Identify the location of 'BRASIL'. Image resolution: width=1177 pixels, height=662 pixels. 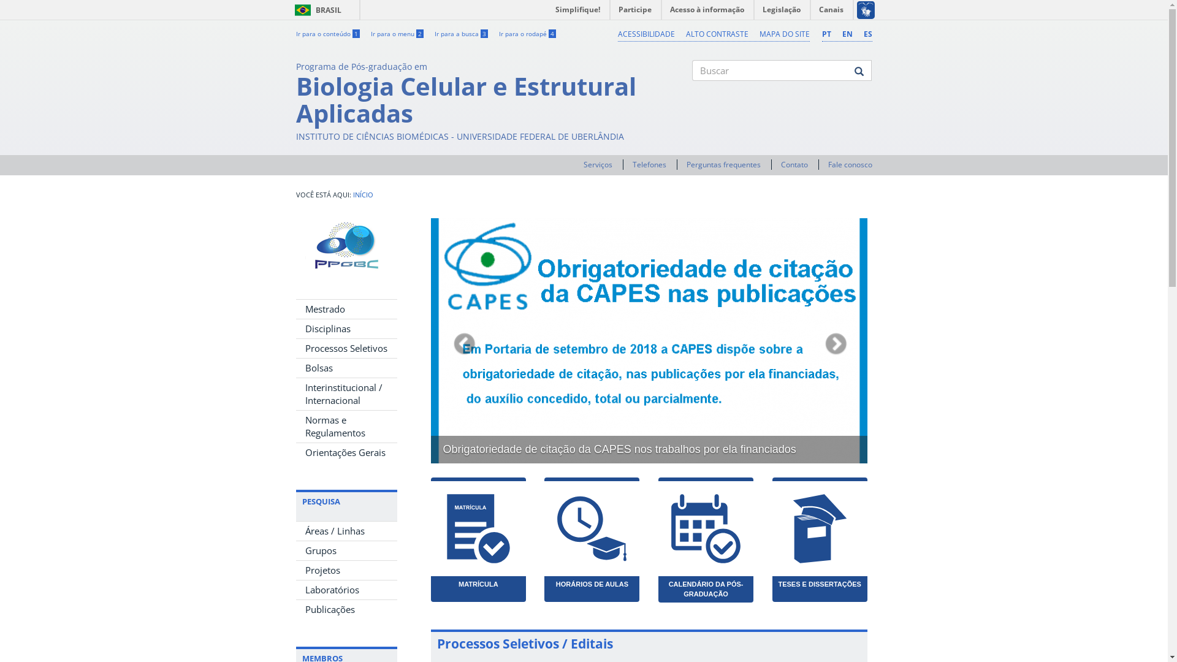
(288, 10).